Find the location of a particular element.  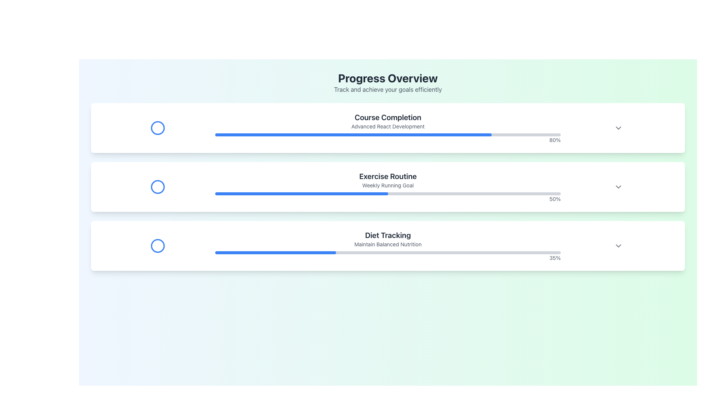

the horizontal progress bar in the 'Diet Tracking' section, which has a gray background and a blue segment indicating 35% progress is located at coordinates (388, 252).